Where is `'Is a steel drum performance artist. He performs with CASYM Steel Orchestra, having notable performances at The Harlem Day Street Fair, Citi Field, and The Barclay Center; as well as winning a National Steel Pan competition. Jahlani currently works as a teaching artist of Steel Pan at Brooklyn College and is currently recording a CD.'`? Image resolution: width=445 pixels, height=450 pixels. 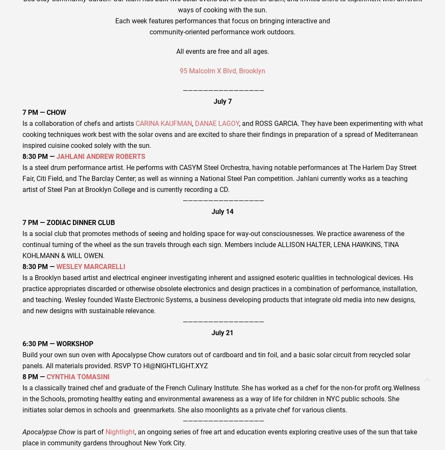
'Is a steel drum performance artist. He performs with CASYM Steel Orchestra, having notable performances at The Harlem Day Street Fair, Citi Field, and The Barclay Center; as well as winning a National Steel Pan competition. Jahlani currently works as a teaching artist of Steel Pan at Brooklyn College and is currently recording a CD.' is located at coordinates (219, 178).